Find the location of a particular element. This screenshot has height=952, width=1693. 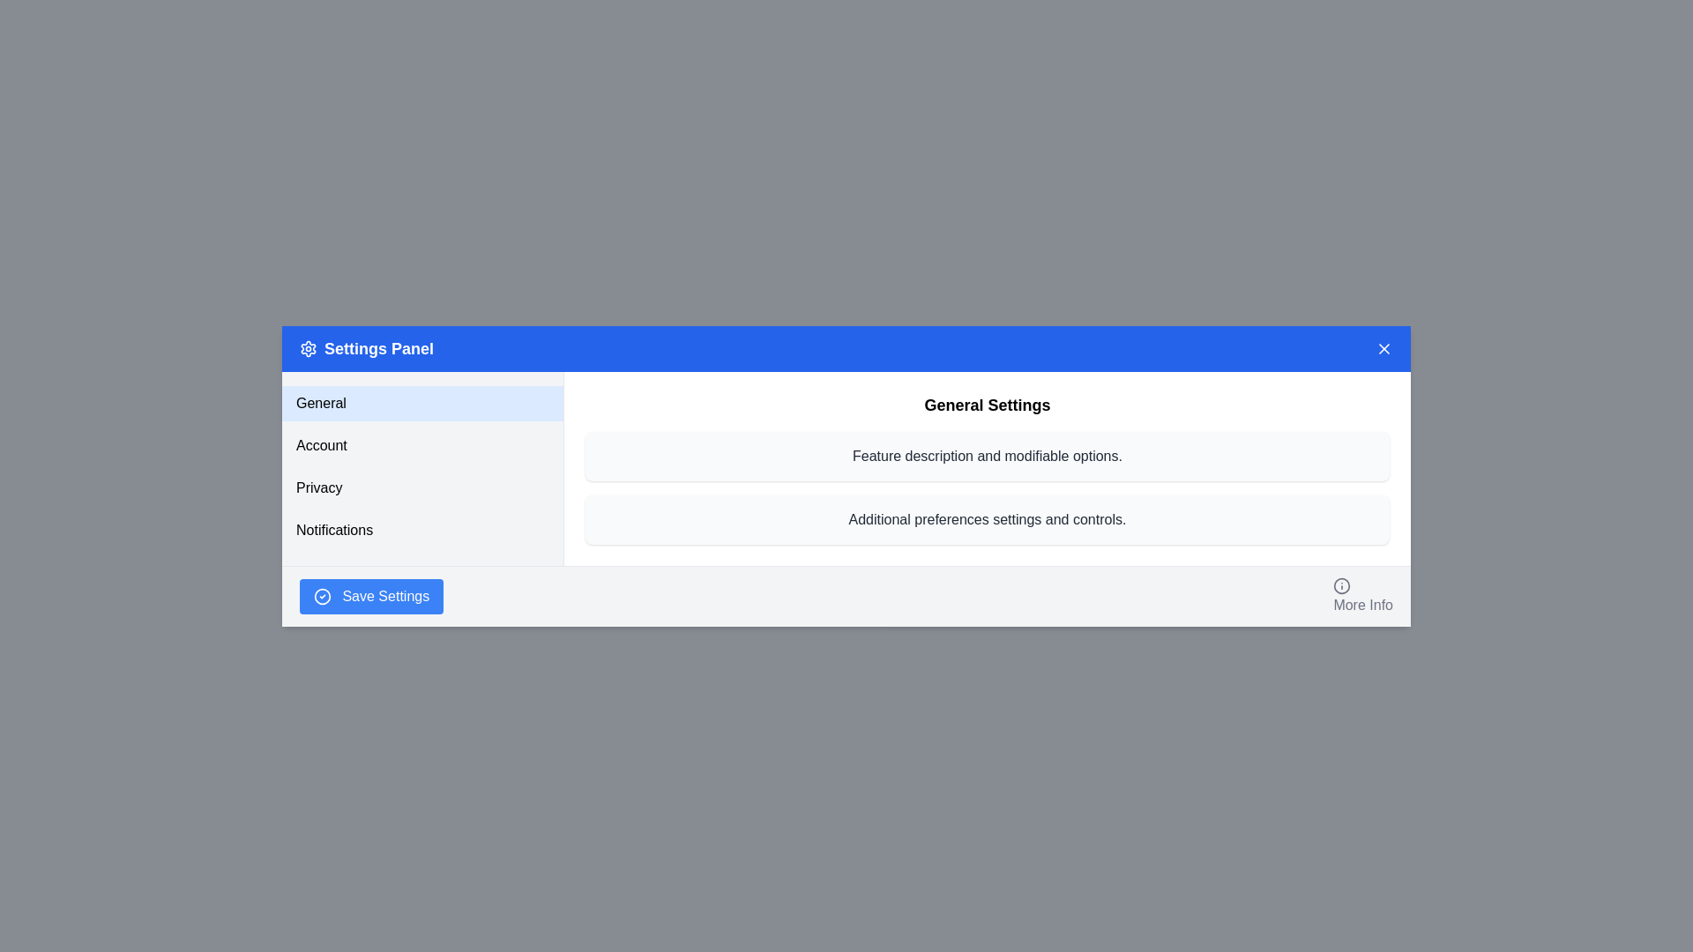

the confirmation icon located at the left end of the 'Save Settings' button, adjacent to its text label is located at coordinates (322, 596).